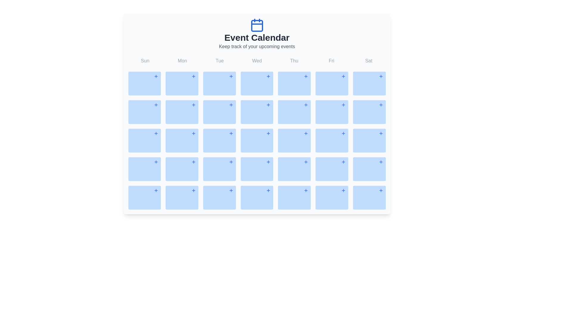 Image resolution: width=572 pixels, height=321 pixels. What do you see at coordinates (380, 133) in the screenshot?
I see `the small square button with a blue plus icon located` at bounding box center [380, 133].